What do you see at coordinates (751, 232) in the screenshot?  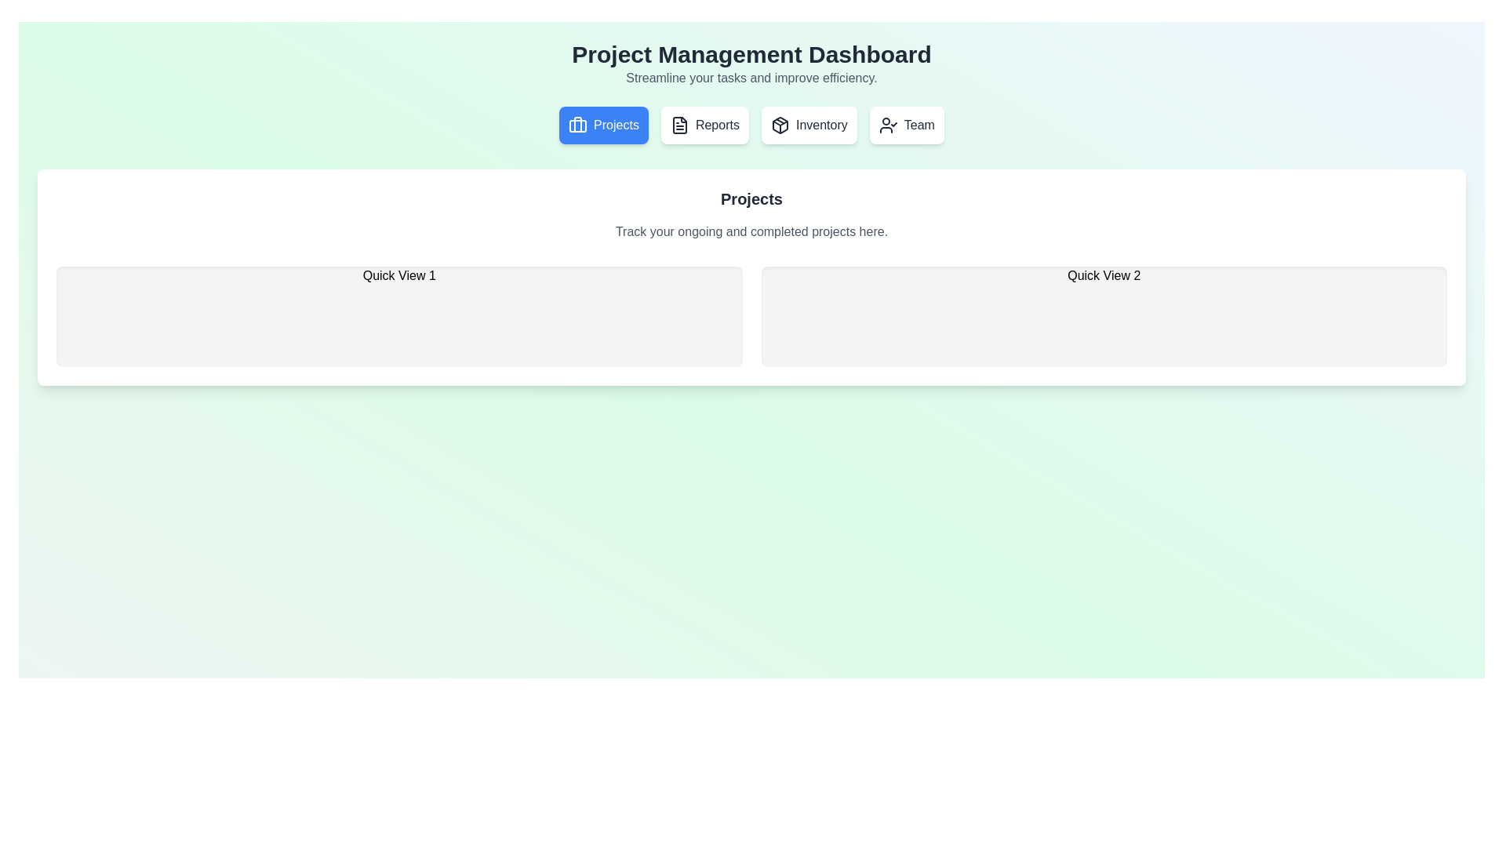 I see `the text label displaying 'Track your ongoing and completed projects here.' which is styled with gray text on a white background, located below the 'Projects' header` at bounding box center [751, 232].